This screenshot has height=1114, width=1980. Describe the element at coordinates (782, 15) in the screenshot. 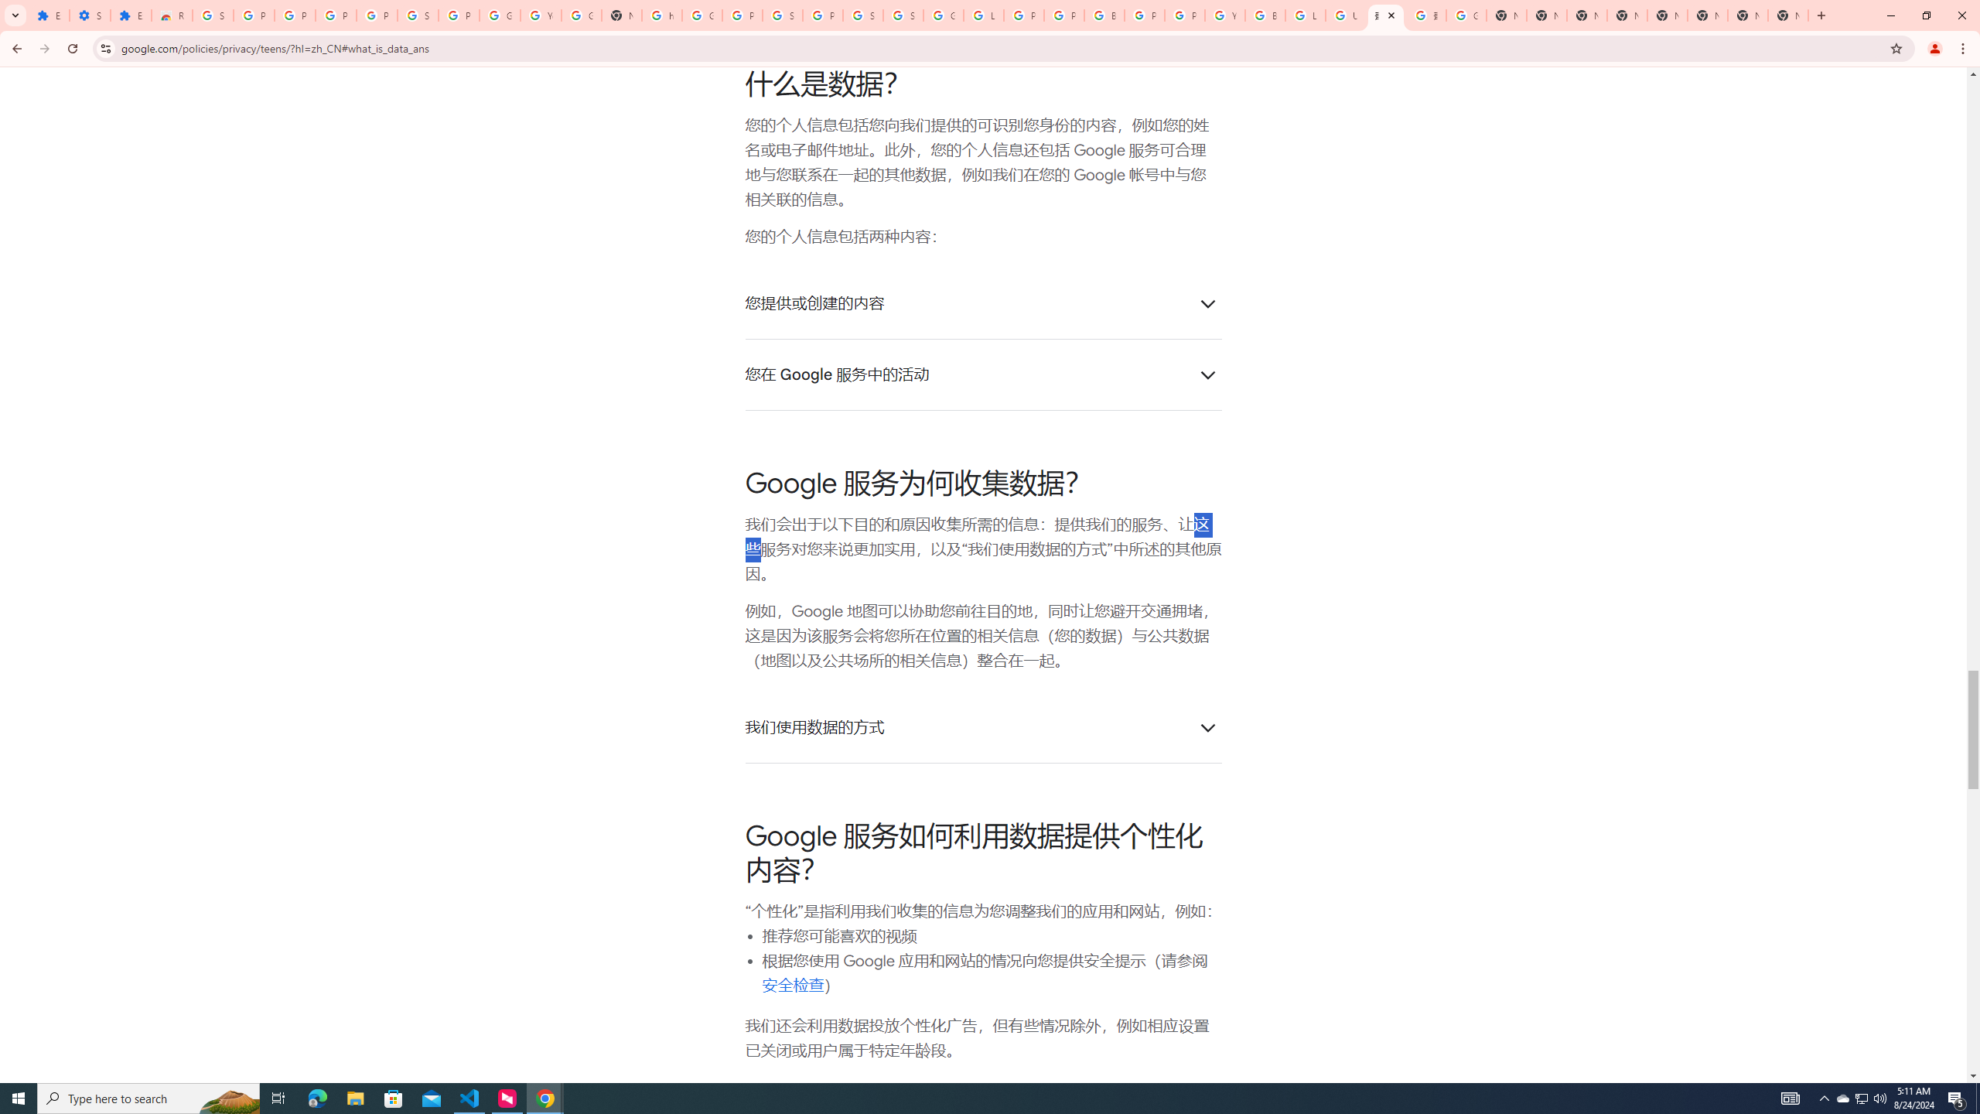

I see `'Sign in - Google Accounts'` at that location.